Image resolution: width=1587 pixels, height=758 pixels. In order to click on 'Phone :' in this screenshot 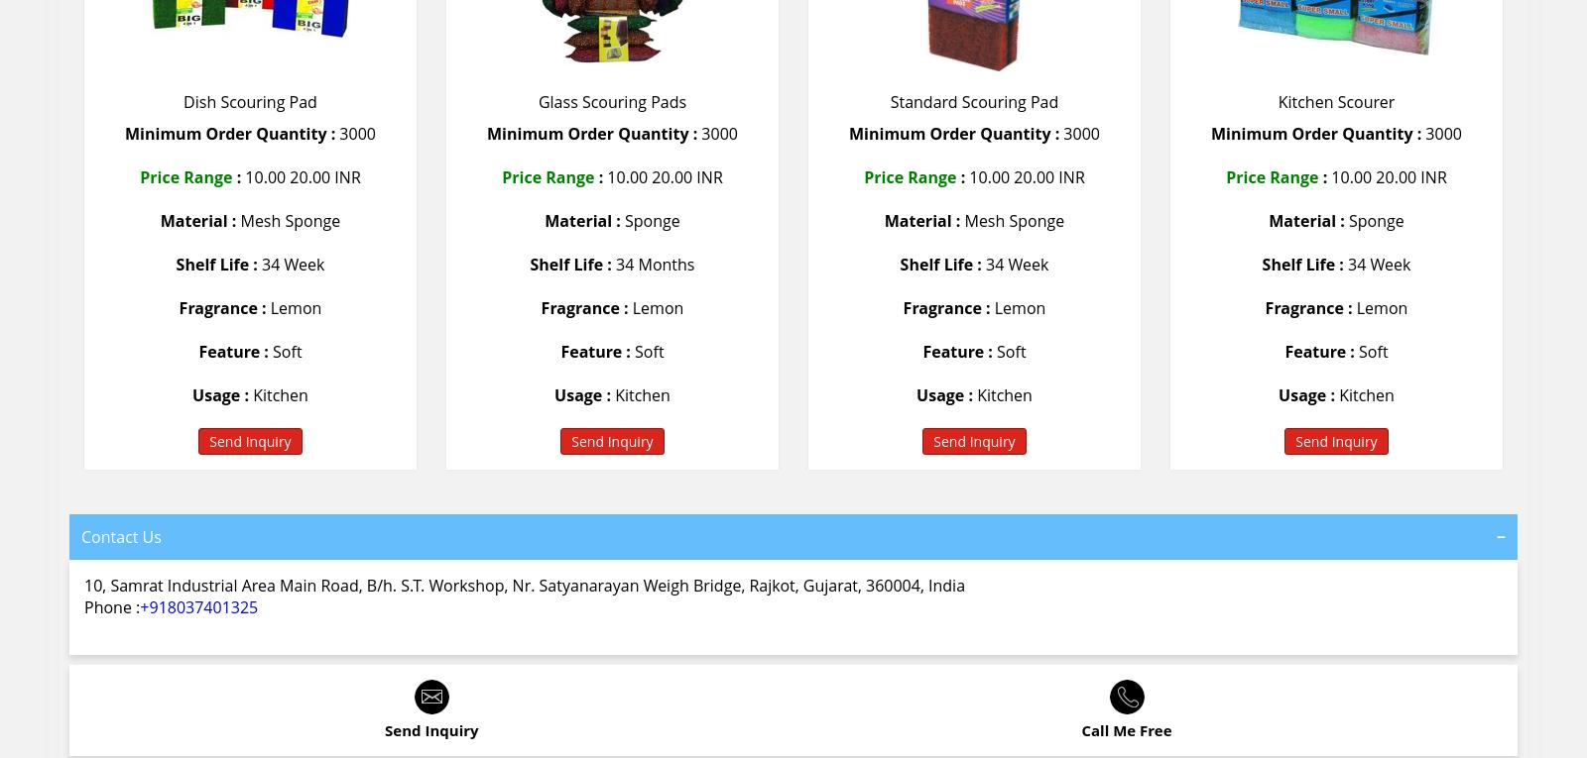, I will do `click(82, 605)`.